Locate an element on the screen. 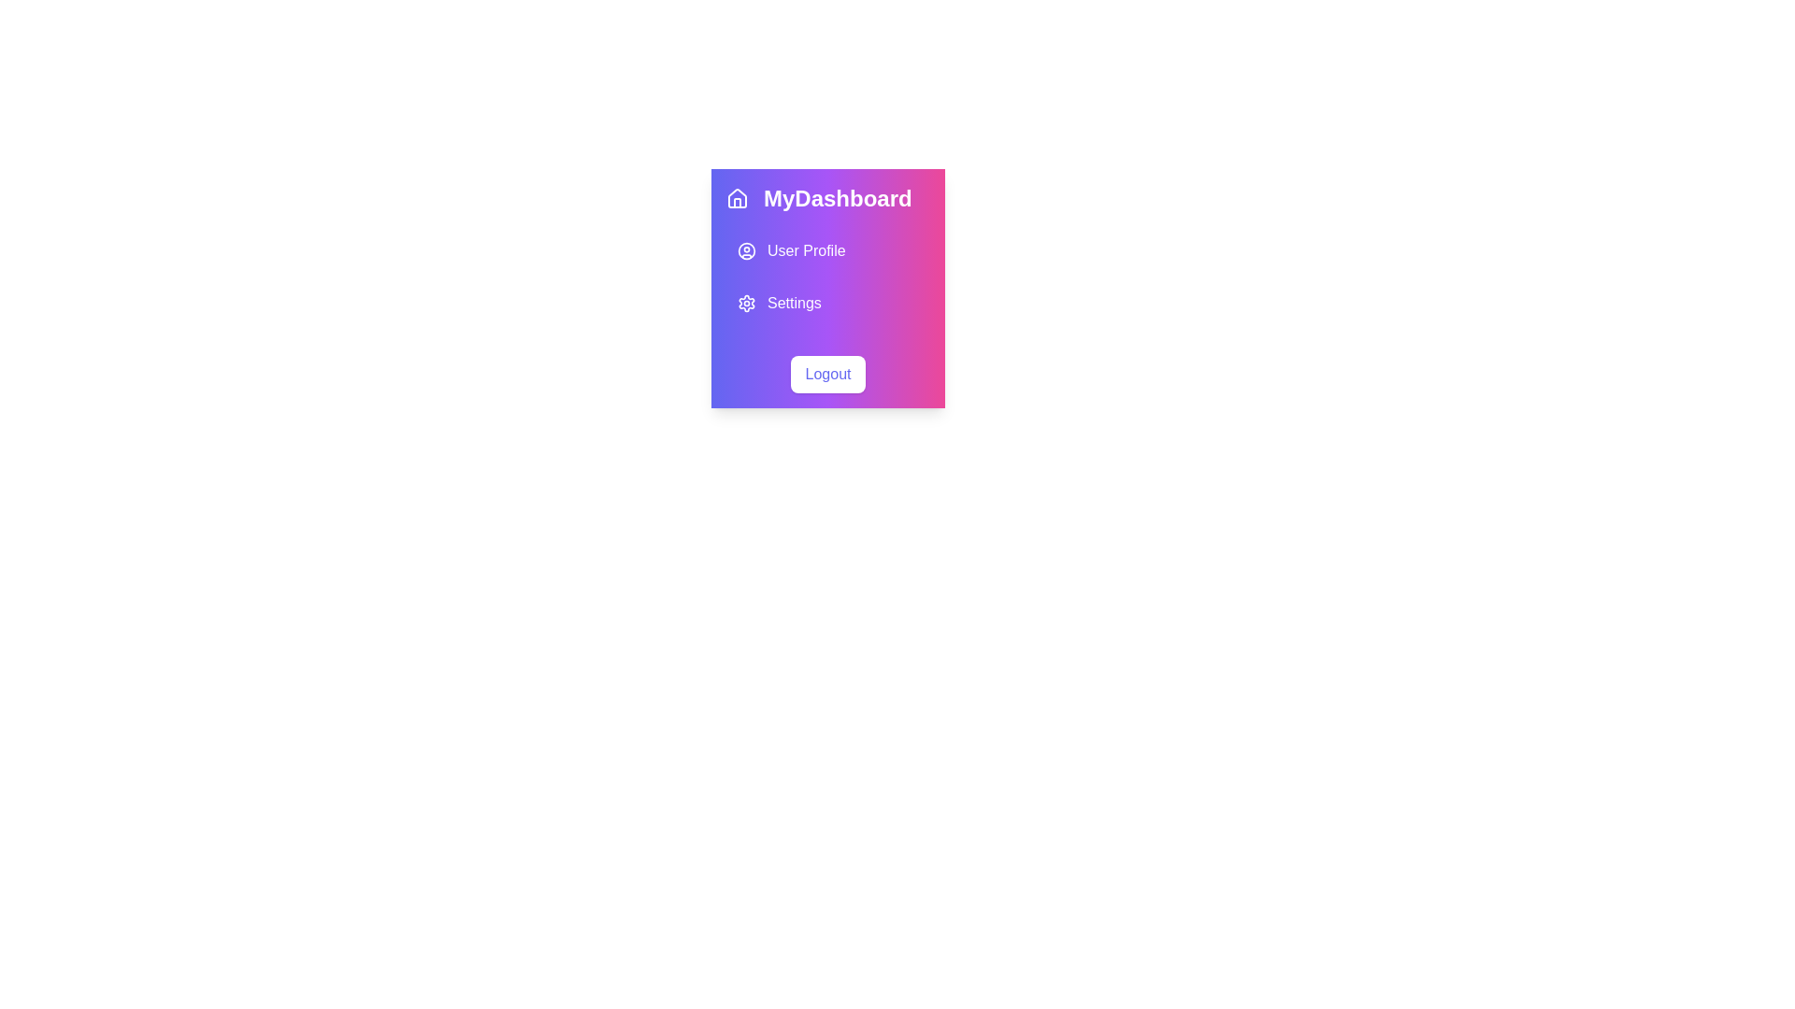  the static icon indicating configuration features located to the left of the 'Settings' label in the menu layout, positioned within the second clickable item below 'MyDashboard' is located at coordinates (745, 302).